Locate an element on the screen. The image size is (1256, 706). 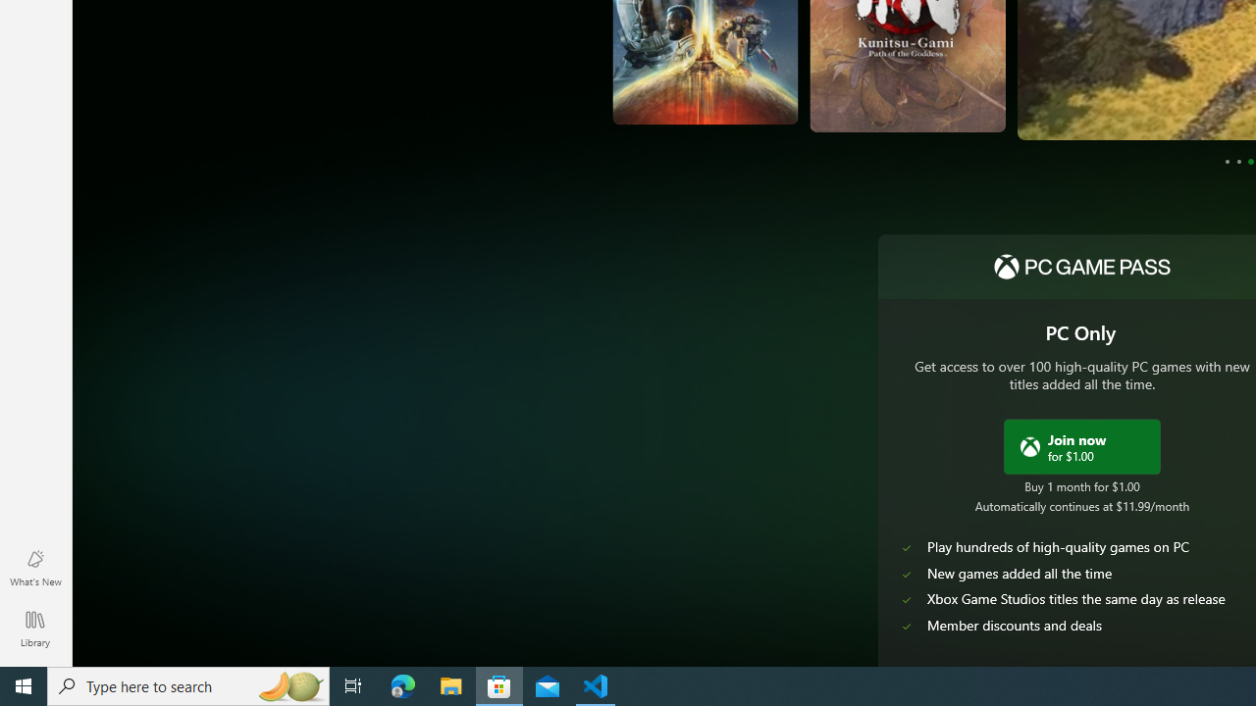
'Join PC Game Pass now for $1.00' is located at coordinates (1080, 446).